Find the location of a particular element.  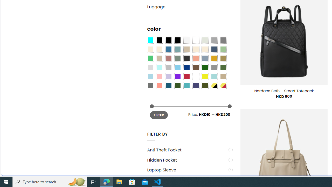

'Silver' is located at coordinates (169, 67).